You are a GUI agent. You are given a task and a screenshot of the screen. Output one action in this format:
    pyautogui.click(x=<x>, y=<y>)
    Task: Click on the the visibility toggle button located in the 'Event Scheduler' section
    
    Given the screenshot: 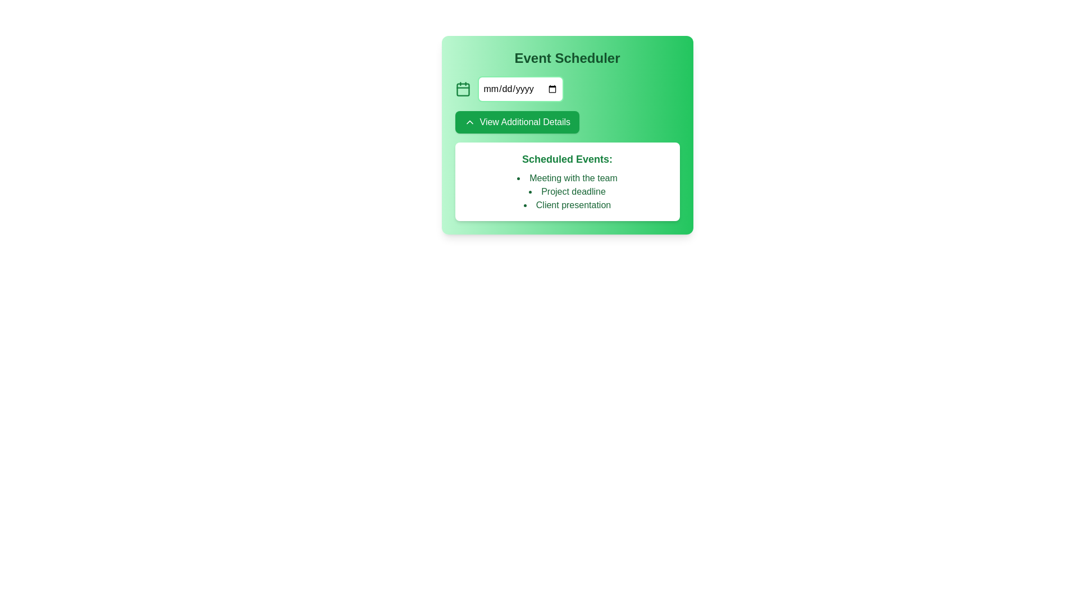 What is the action you would take?
    pyautogui.click(x=517, y=122)
    